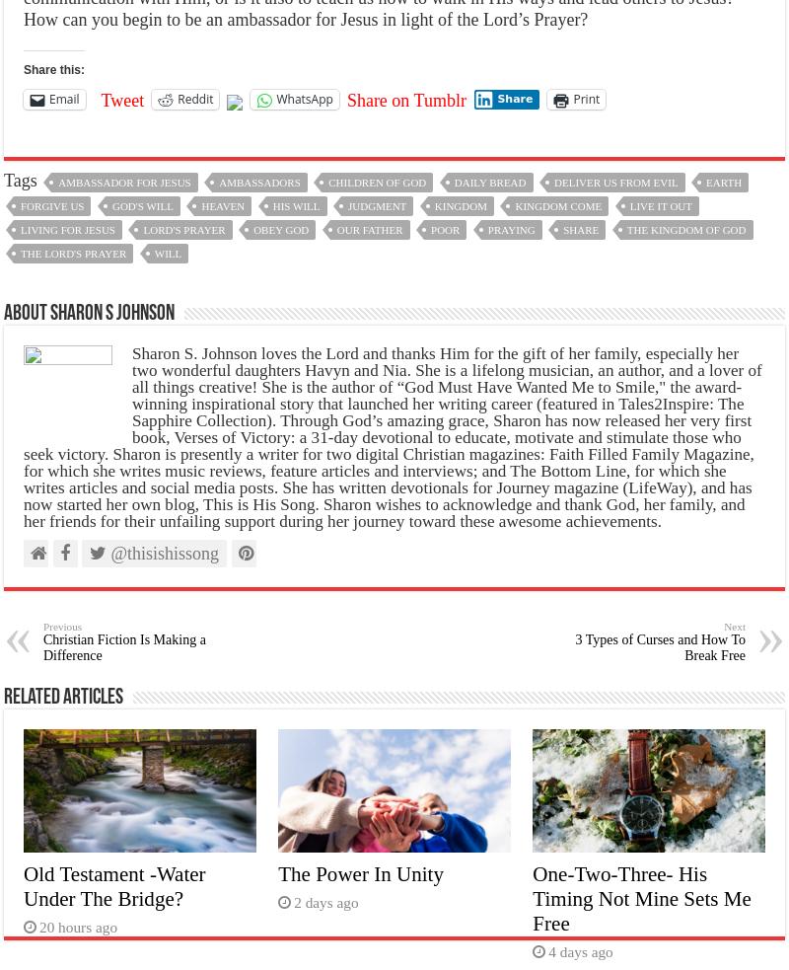 Image resolution: width=789 pixels, height=970 pixels. I want to click on 'Reddit', so click(194, 98).